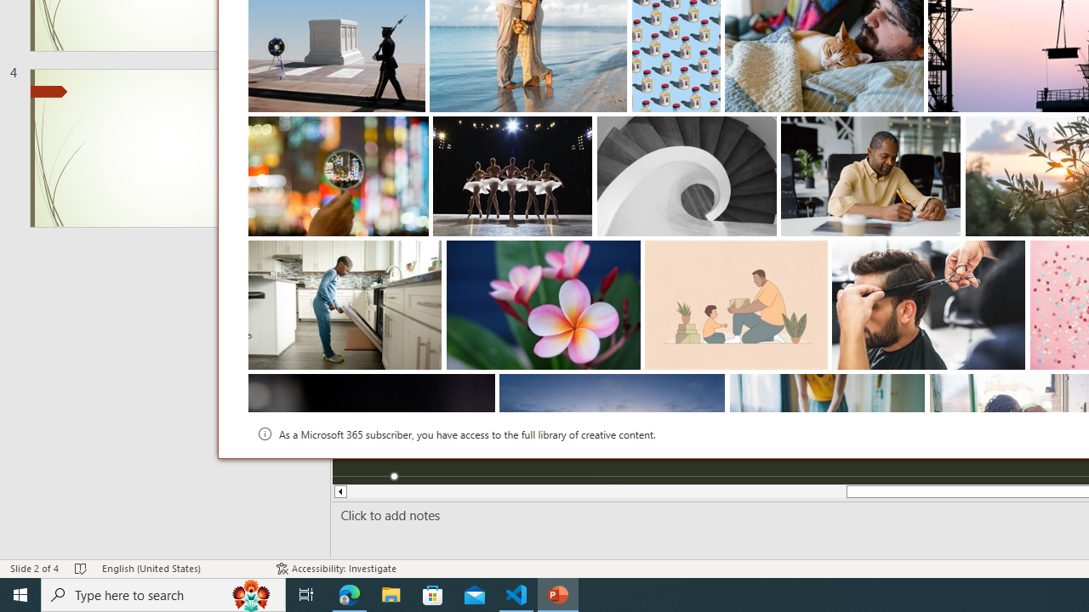  What do you see at coordinates (81, 569) in the screenshot?
I see `'Spell Check No Errors'` at bounding box center [81, 569].